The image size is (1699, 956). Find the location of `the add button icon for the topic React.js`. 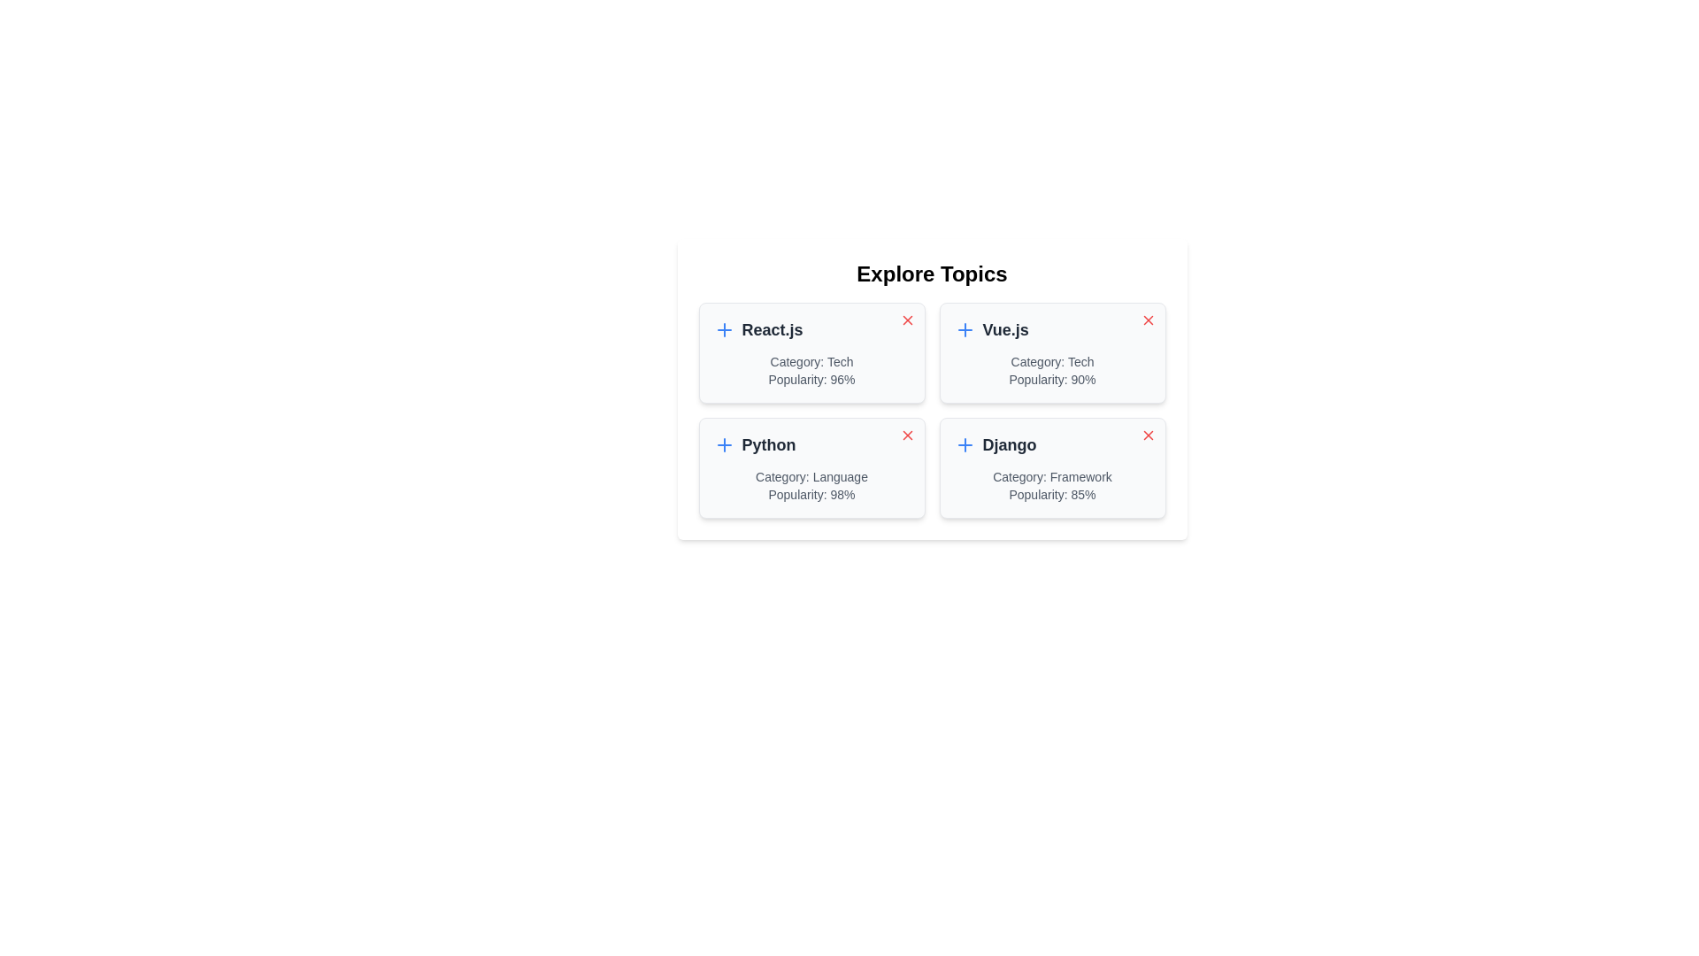

the add button icon for the topic React.js is located at coordinates (724, 330).